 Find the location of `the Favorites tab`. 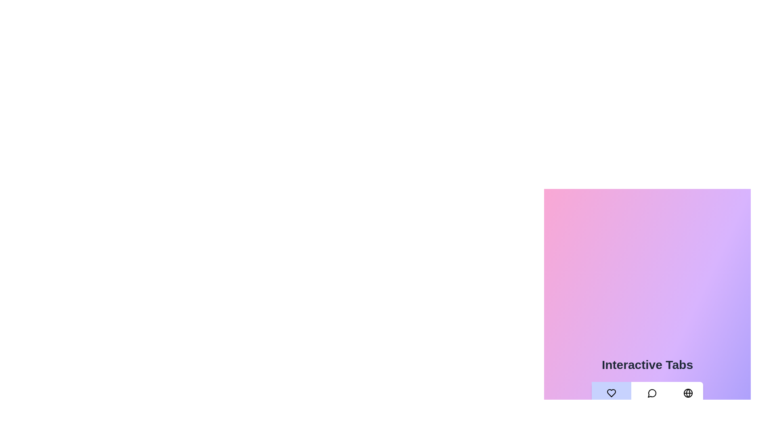

the Favorites tab is located at coordinates (611, 400).